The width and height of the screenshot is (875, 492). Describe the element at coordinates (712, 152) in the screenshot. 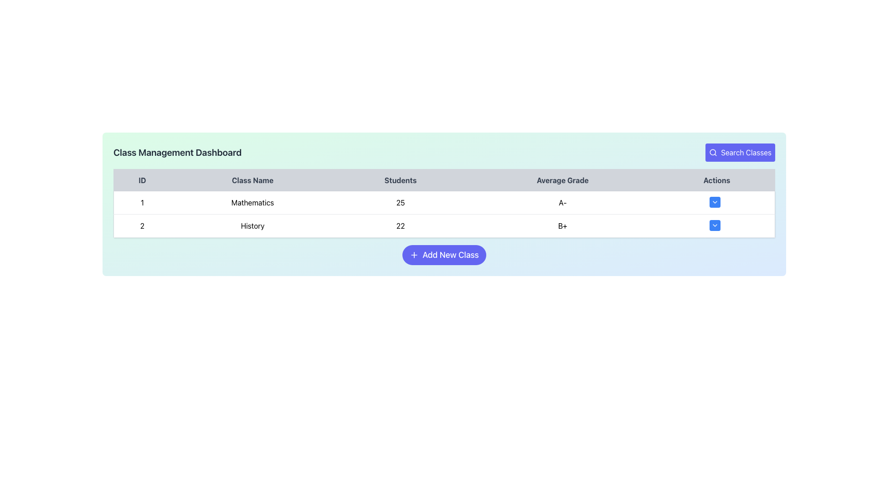

I see `the search icon inside the 'Search Classes' button located` at that location.